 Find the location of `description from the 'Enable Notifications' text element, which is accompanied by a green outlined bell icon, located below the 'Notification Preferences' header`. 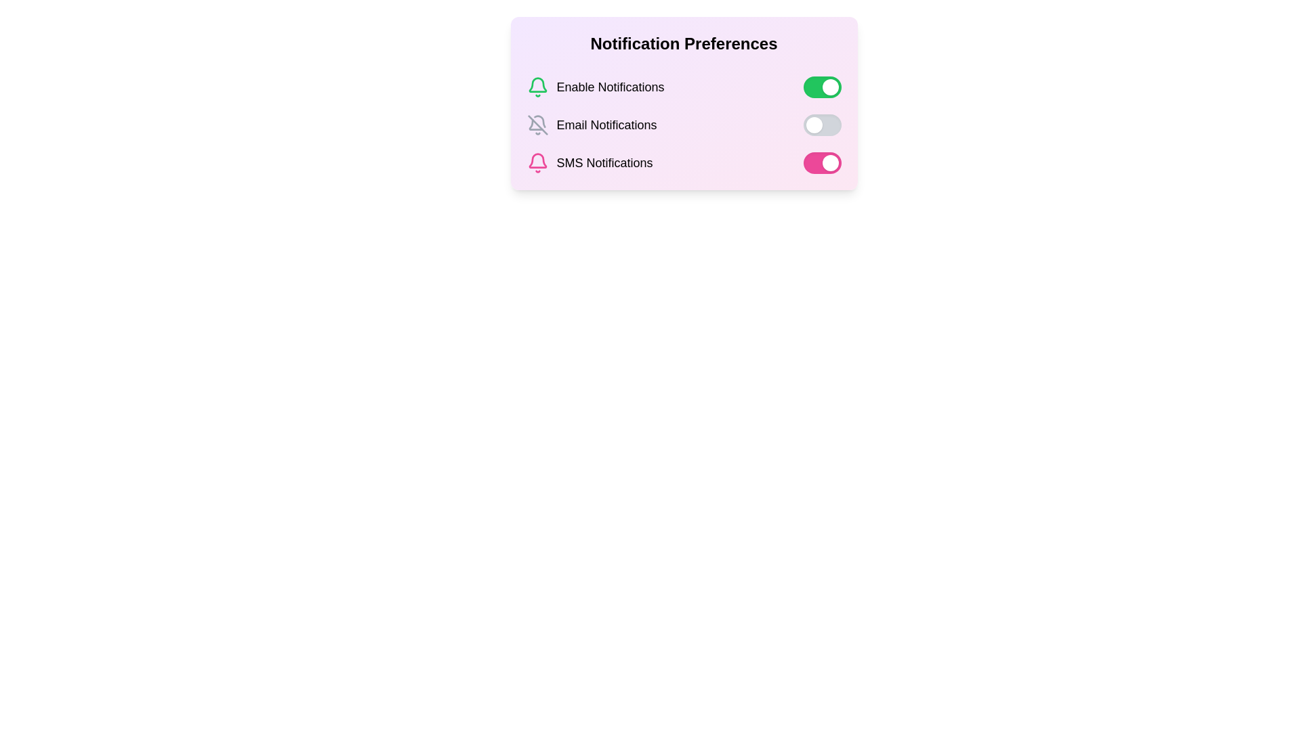

description from the 'Enable Notifications' text element, which is accompanied by a green outlined bell icon, located below the 'Notification Preferences' header is located at coordinates (595, 87).